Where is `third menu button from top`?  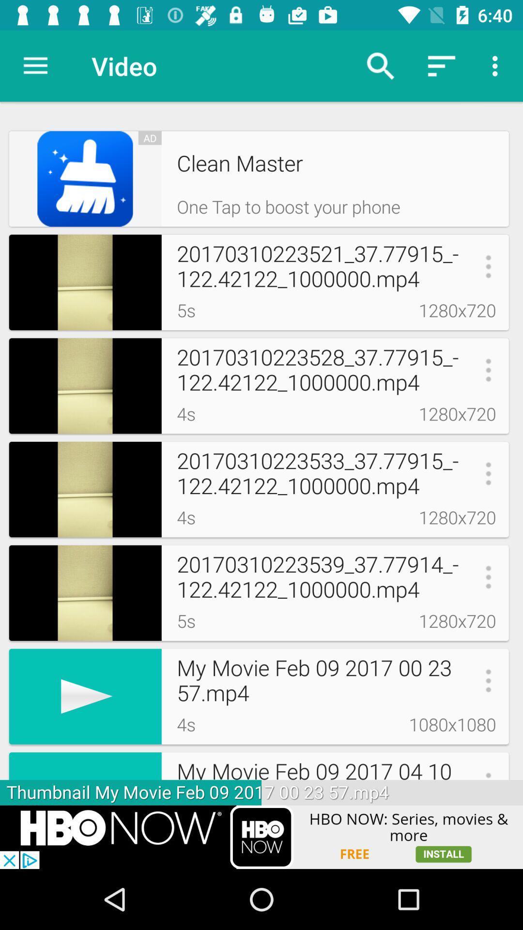 third menu button from top is located at coordinates (489, 369).